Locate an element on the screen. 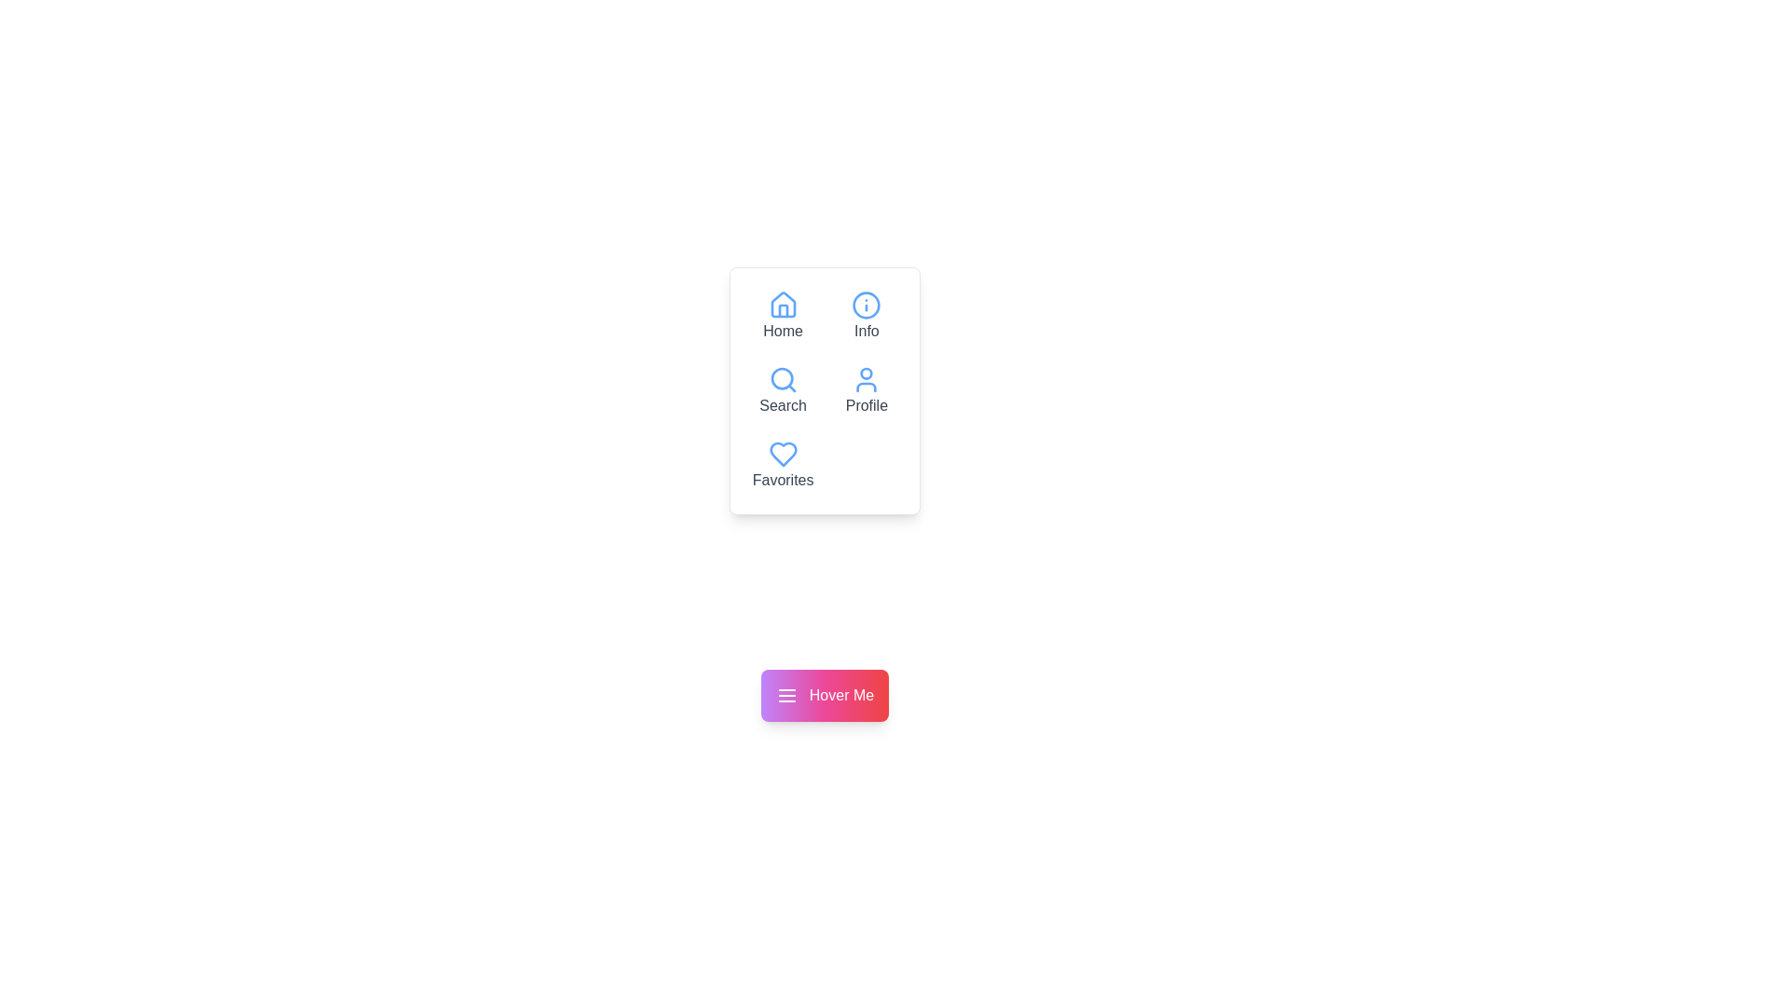 The width and height of the screenshot is (1789, 1006). the non-interactive 'Favorites' icon located at the top of the 'Favorites' section in the bottom-left of the card layout, above the 'Favorites' label is located at coordinates (783, 455).